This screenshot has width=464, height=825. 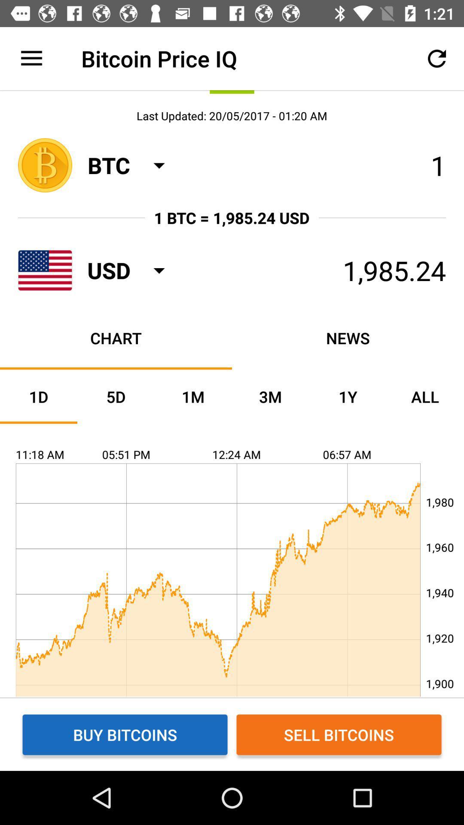 What do you see at coordinates (31, 58) in the screenshot?
I see `item above the last updated 20 icon` at bounding box center [31, 58].